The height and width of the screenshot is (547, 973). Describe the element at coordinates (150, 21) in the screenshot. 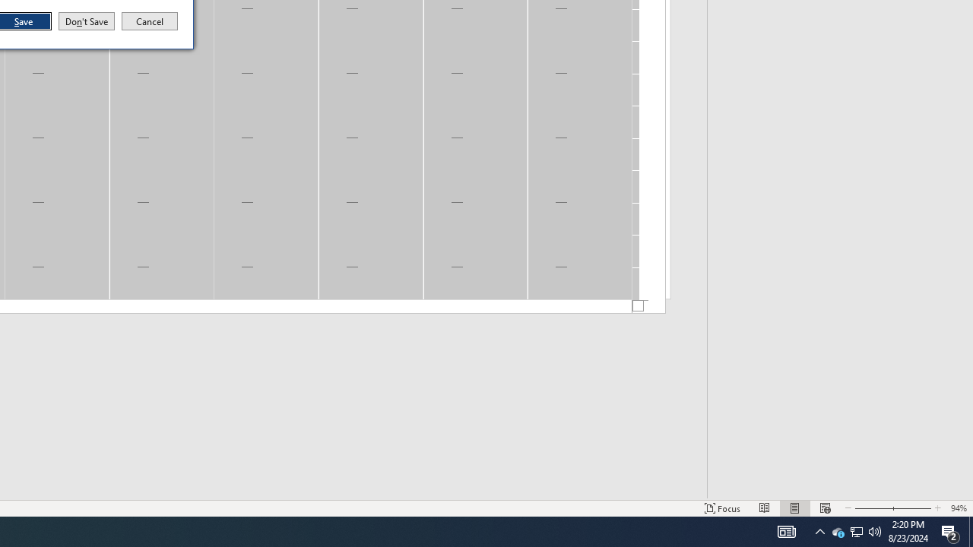

I see `'Cancel'` at that location.